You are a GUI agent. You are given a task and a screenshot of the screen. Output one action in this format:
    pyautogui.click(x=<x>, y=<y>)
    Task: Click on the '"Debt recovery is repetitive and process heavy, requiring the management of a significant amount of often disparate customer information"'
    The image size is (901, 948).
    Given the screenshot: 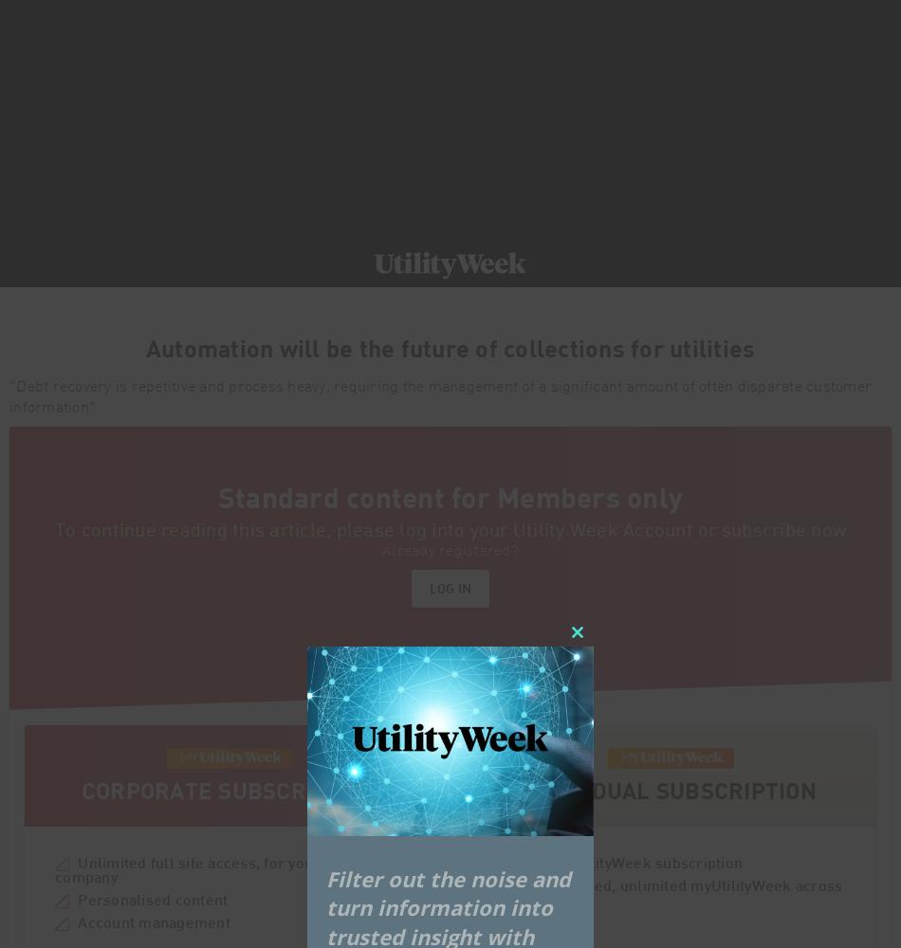 What is the action you would take?
    pyautogui.click(x=9, y=397)
    